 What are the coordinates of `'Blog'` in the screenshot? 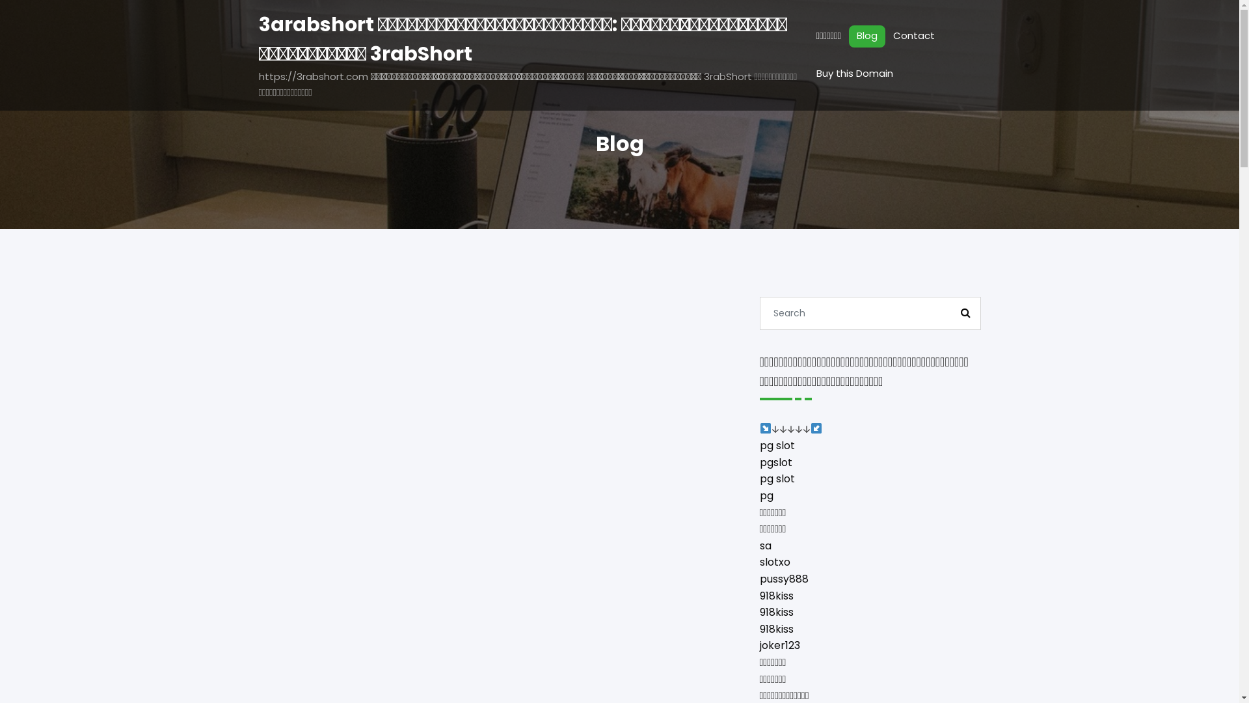 It's located at (867, 36).